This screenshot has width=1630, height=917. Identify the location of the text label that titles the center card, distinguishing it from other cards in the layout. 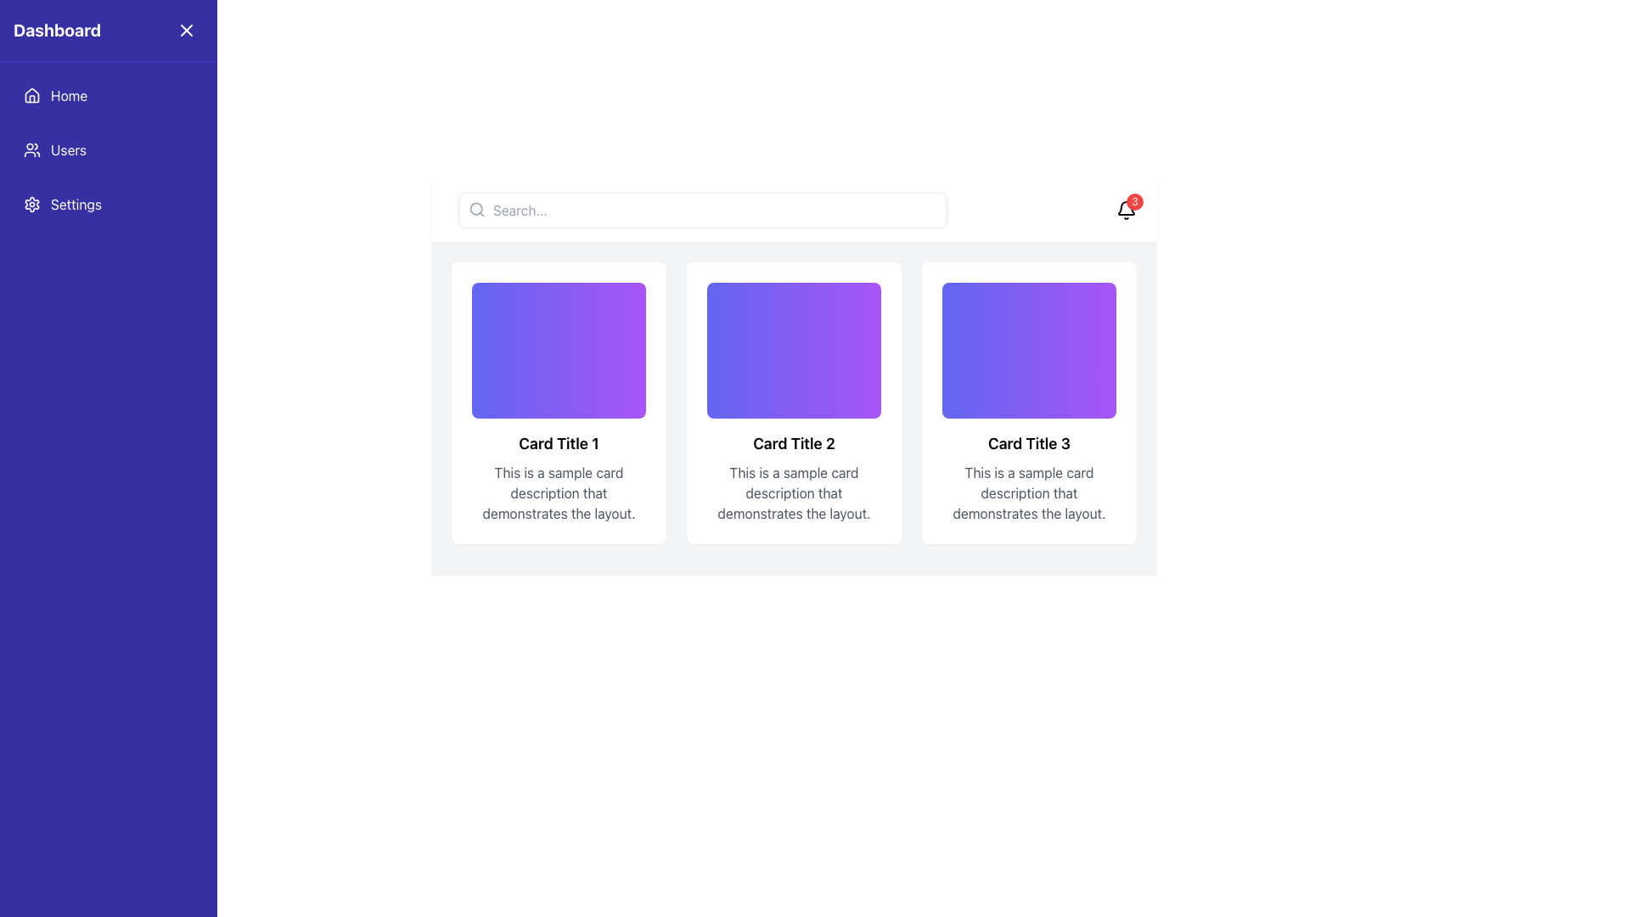
(793, 443).